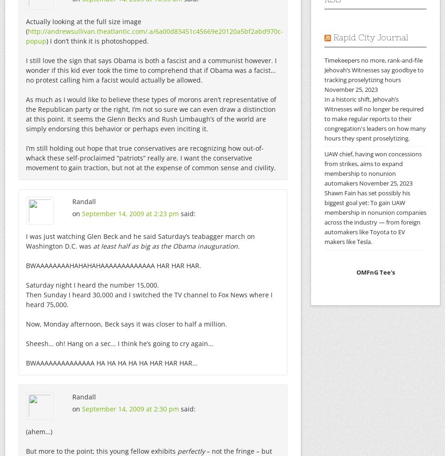  What do you see at coordinates (149, 300) in the screenshot?
I see `'Then Sunday I heard 30,000 and I switched the TV channel to Fox News where I heard 75,000.'` at bounding box center [149, 300].